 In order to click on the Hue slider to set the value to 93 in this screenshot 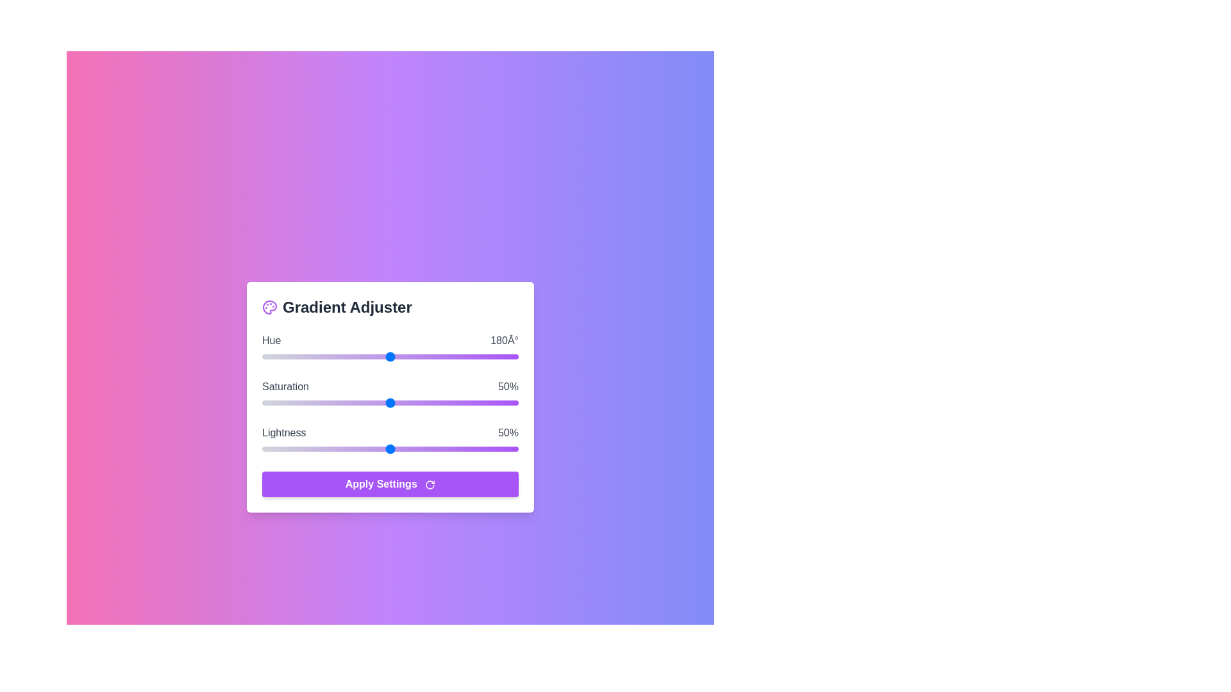, I will do `click(328, 356)`.